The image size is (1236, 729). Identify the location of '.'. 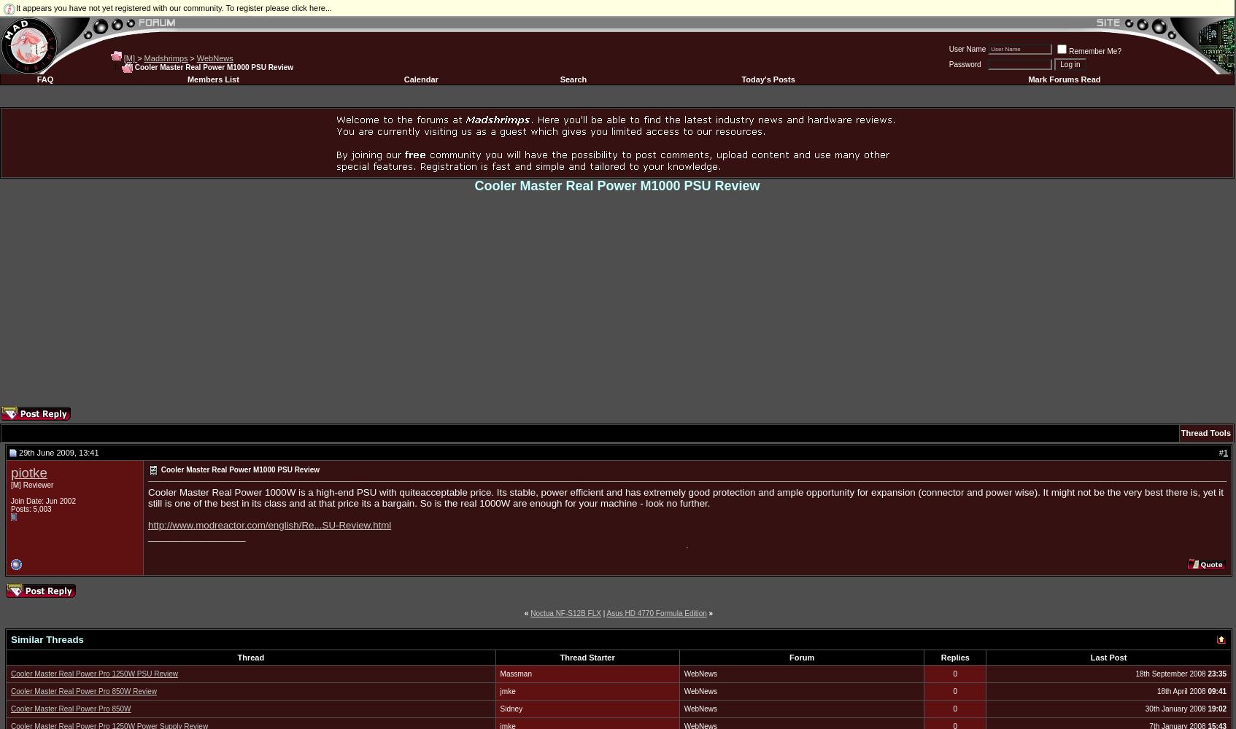
(687, 544).